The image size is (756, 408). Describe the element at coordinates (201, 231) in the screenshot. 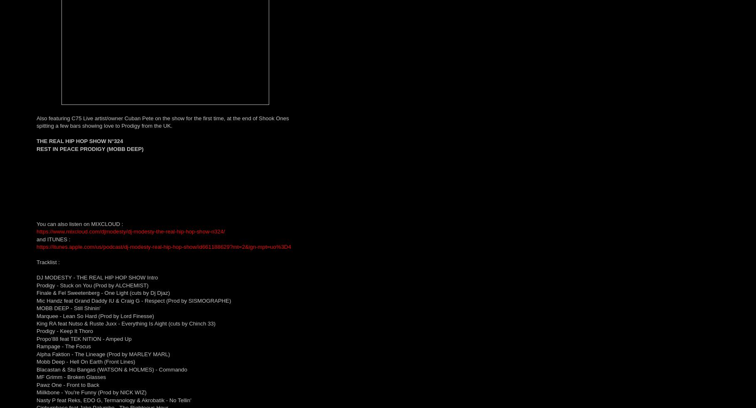

I see `'hip-hop-show-n324/'` at that location.